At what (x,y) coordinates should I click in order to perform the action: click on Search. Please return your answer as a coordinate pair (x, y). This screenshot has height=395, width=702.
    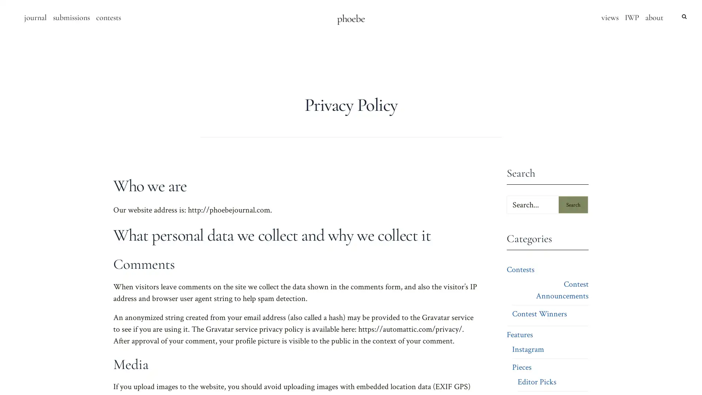
    Looking at the image, I should click on (573, 204).